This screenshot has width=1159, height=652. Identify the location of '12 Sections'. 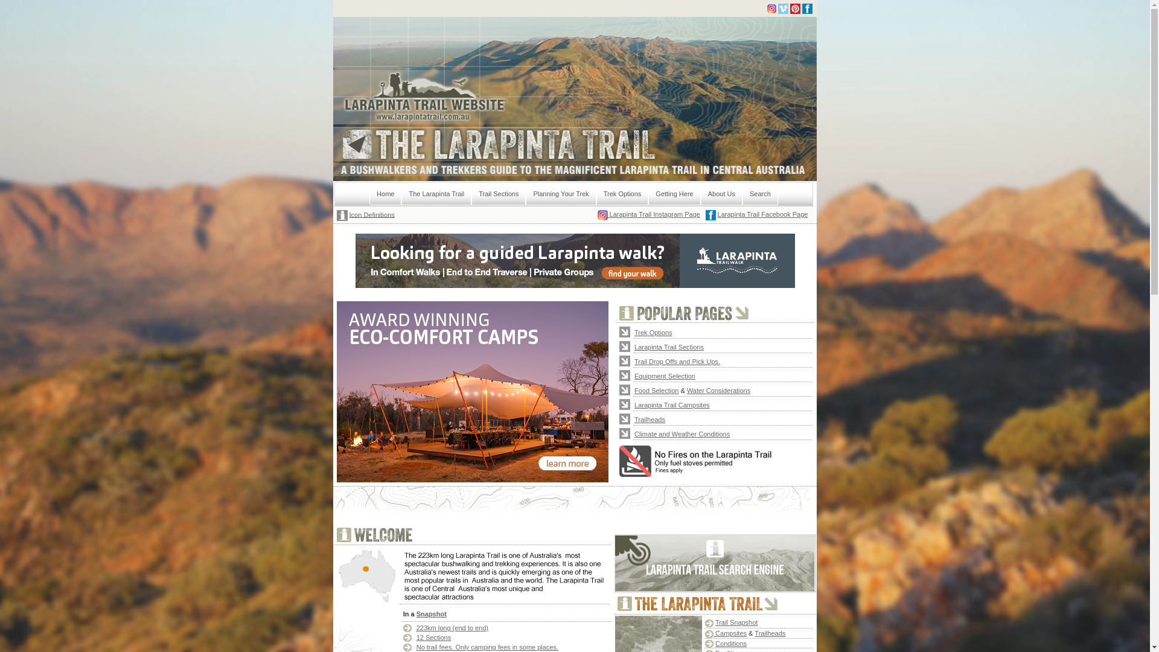
(433, 637).